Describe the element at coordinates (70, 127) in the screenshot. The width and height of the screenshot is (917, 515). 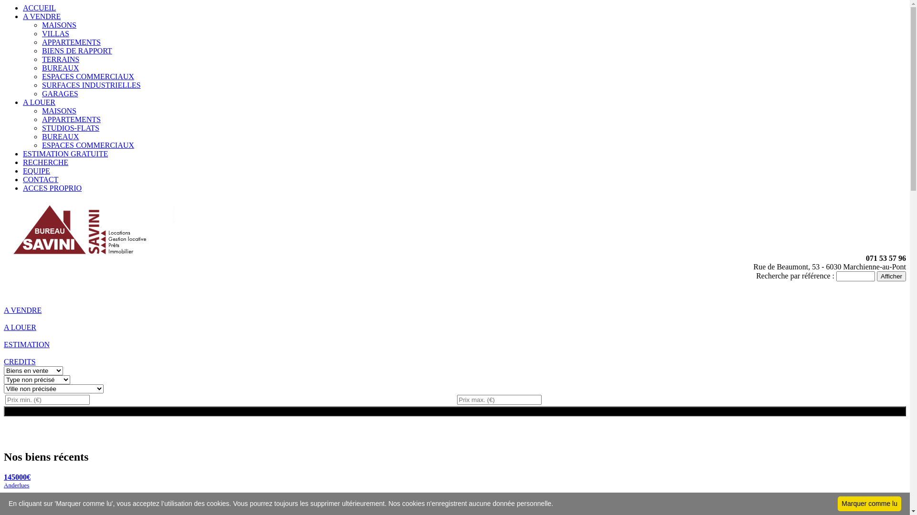
I see `'STUDIOS-FLATS'` at that location.